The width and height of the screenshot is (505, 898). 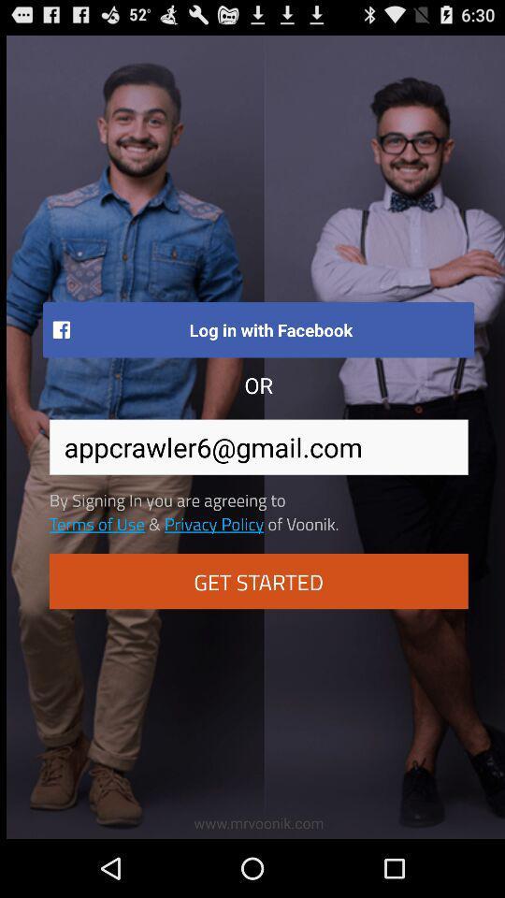 What do you see at coordinates (213, 523) in the screenshot?
I see `privacy policy item` at bounding box center [213, 523].